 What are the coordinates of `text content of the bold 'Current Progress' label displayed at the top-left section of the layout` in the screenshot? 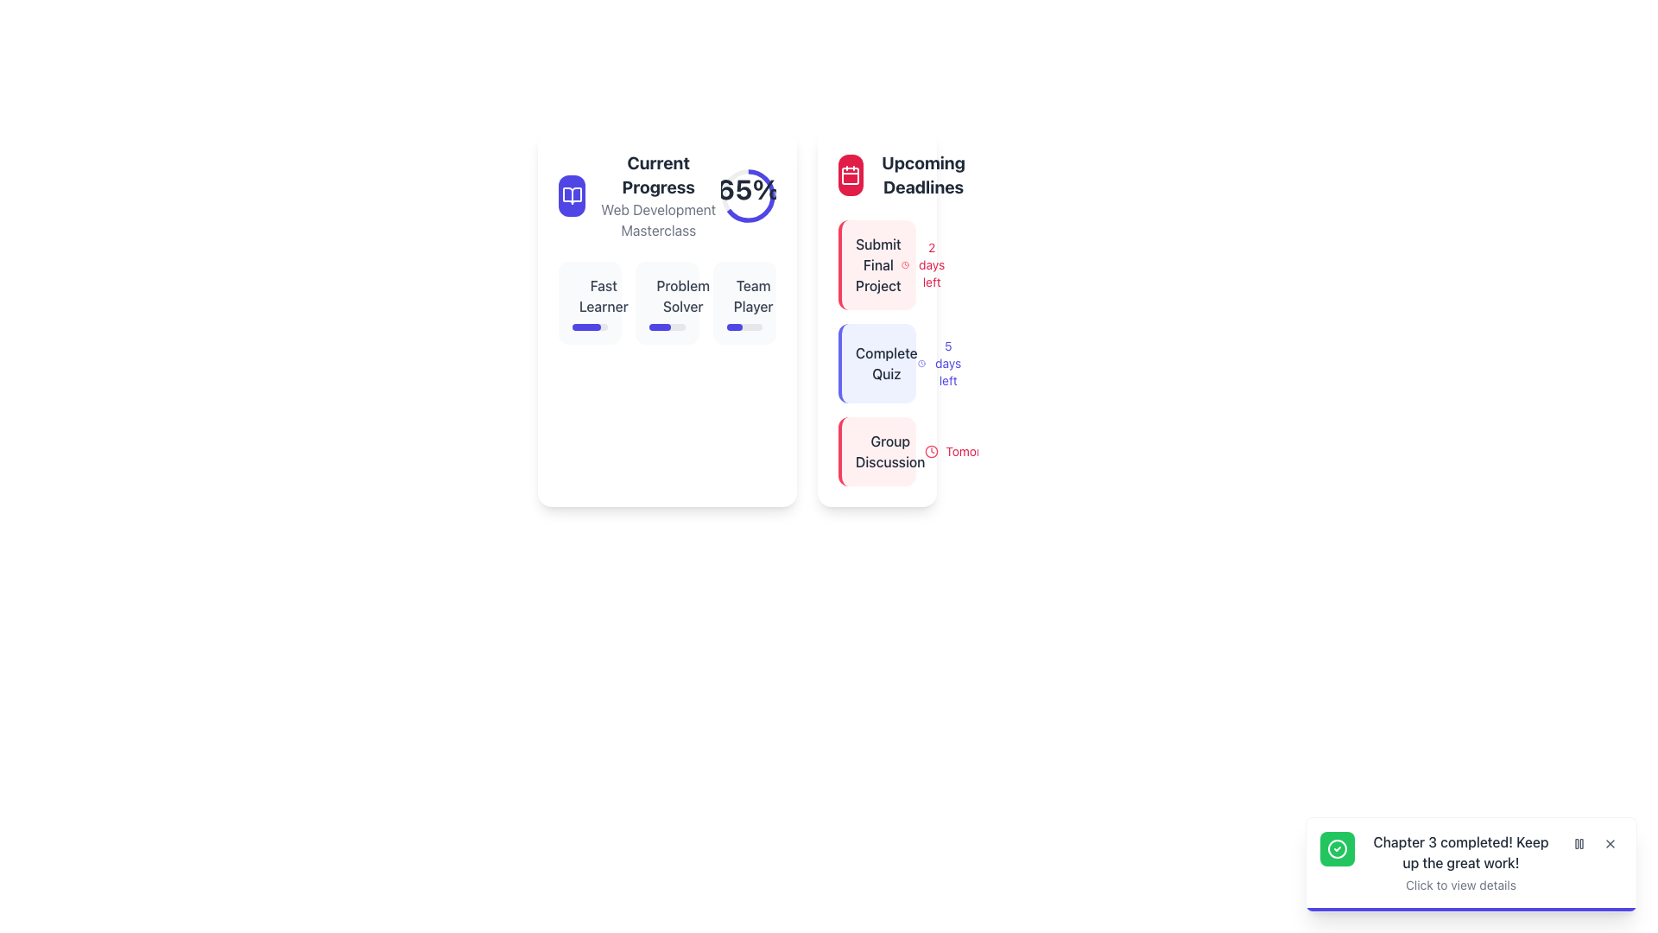 It's located at (657, 175).